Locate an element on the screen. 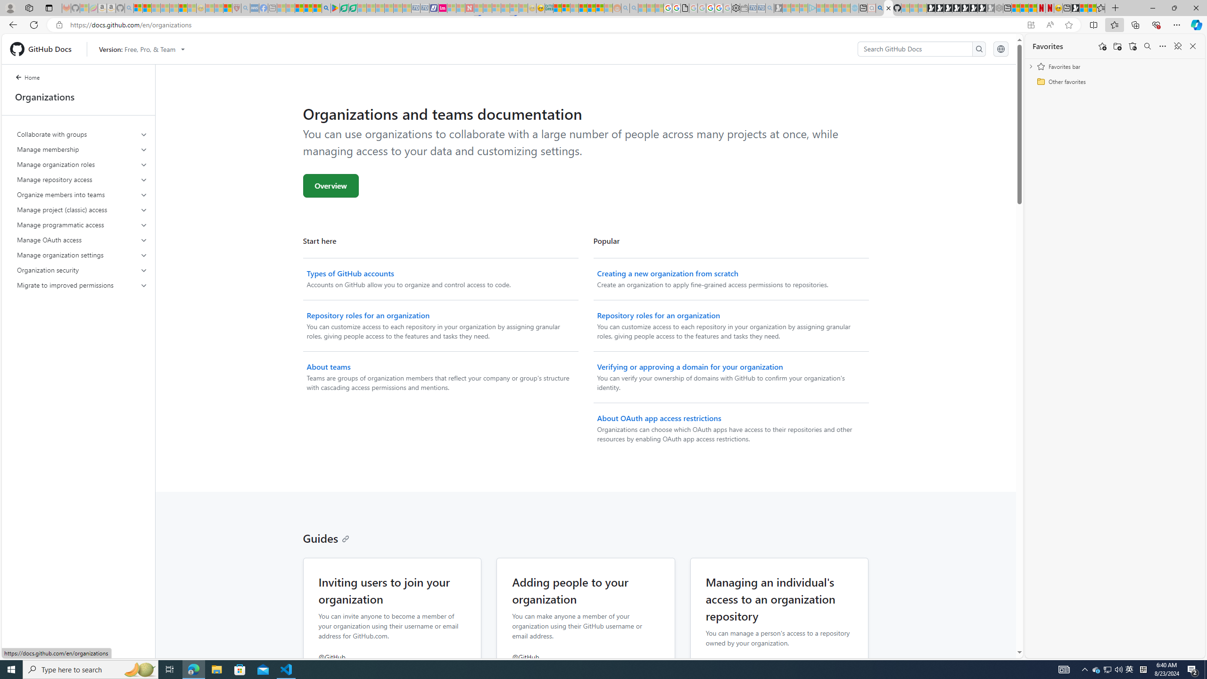  'Manage organization settings' is located at coordinates (82, 255).